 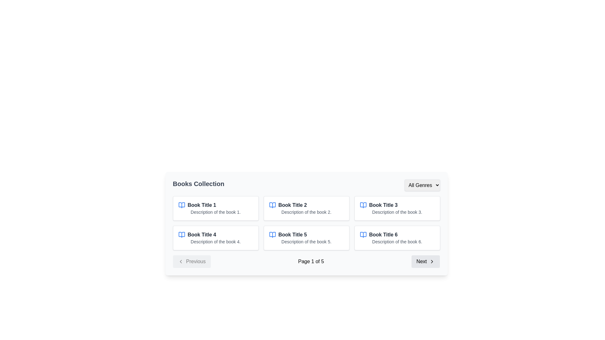 What do you see at coordinates (202, 205) in the screenshot?
I see `the Text label that displays the title of a book in the collection, positioned in the top-left cell of the grid layout, under 'Books Collection' and to the right of the book icon` at bounding box center [202, 205].